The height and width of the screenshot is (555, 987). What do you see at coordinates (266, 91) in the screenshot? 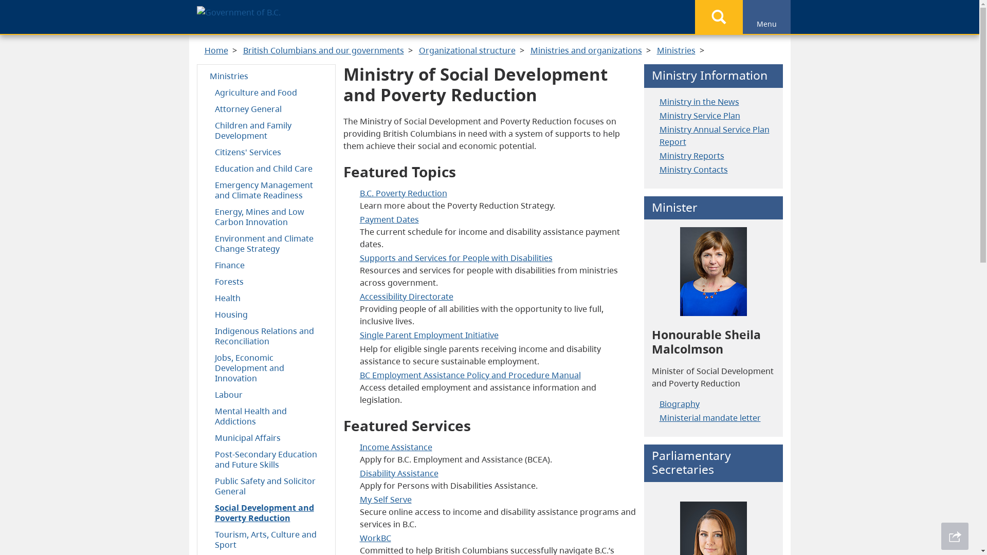
I see `'Agriculture and Food'` at bounding box center [266, 91].